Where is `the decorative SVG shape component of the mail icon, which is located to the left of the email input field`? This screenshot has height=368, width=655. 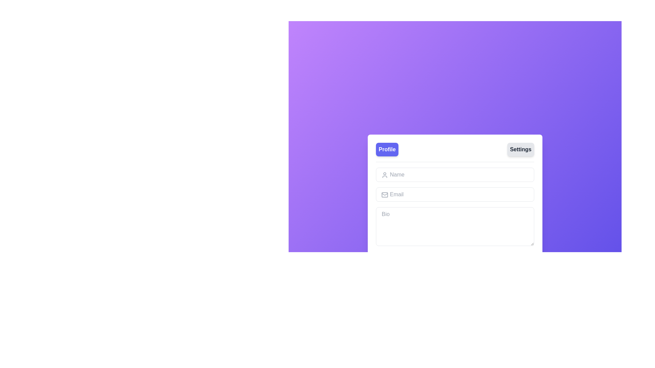
the decorative SVG shape component of the mail icon, which is located to the left of the email input field is located at coordinates (385, 194).